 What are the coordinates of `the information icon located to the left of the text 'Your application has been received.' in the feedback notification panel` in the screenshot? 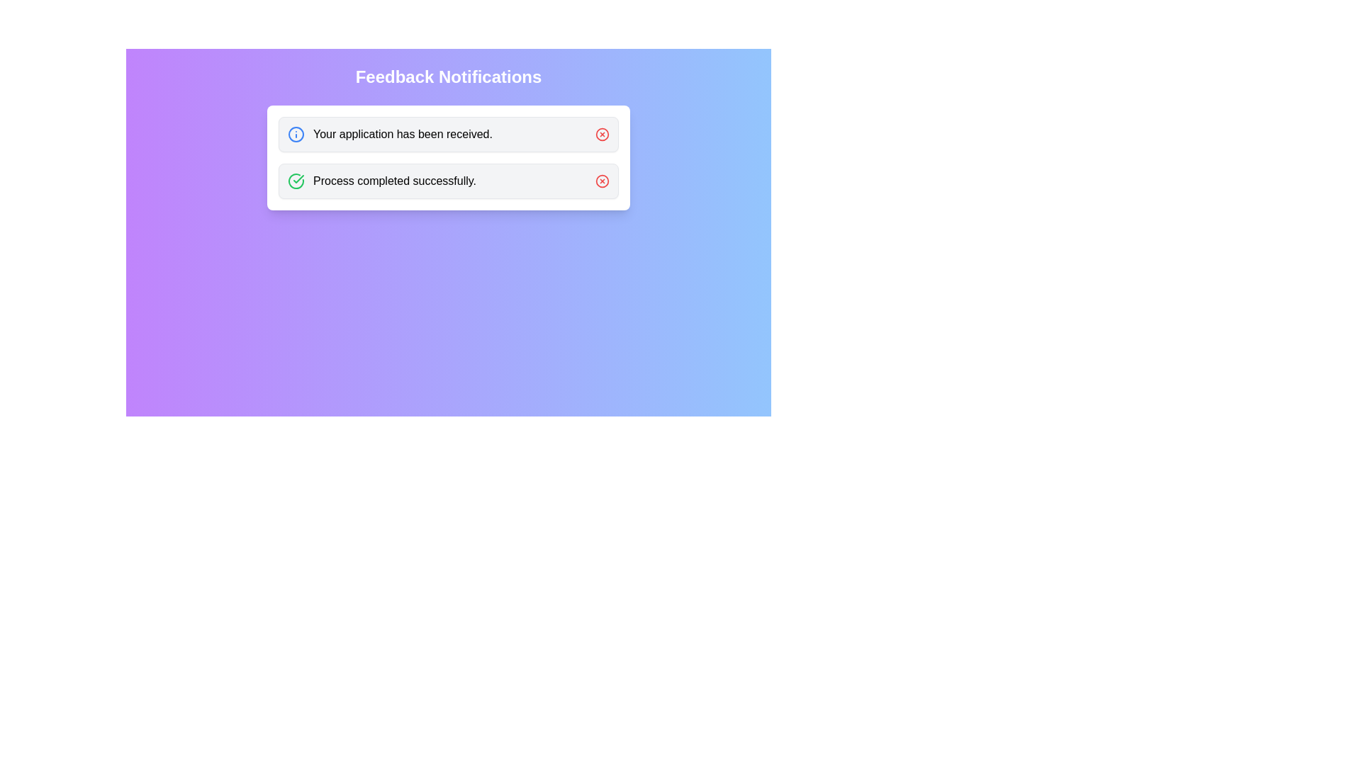 It's located at (295, 134).